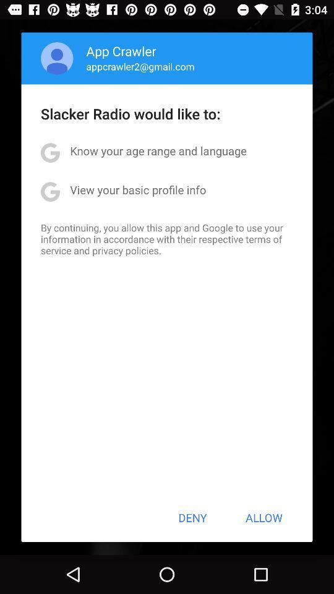 The height and width of the screenshot is (594, 334). Describe the element at coordinates (192, 517) in the screenshot. I see `icon at the bottom` at that location.